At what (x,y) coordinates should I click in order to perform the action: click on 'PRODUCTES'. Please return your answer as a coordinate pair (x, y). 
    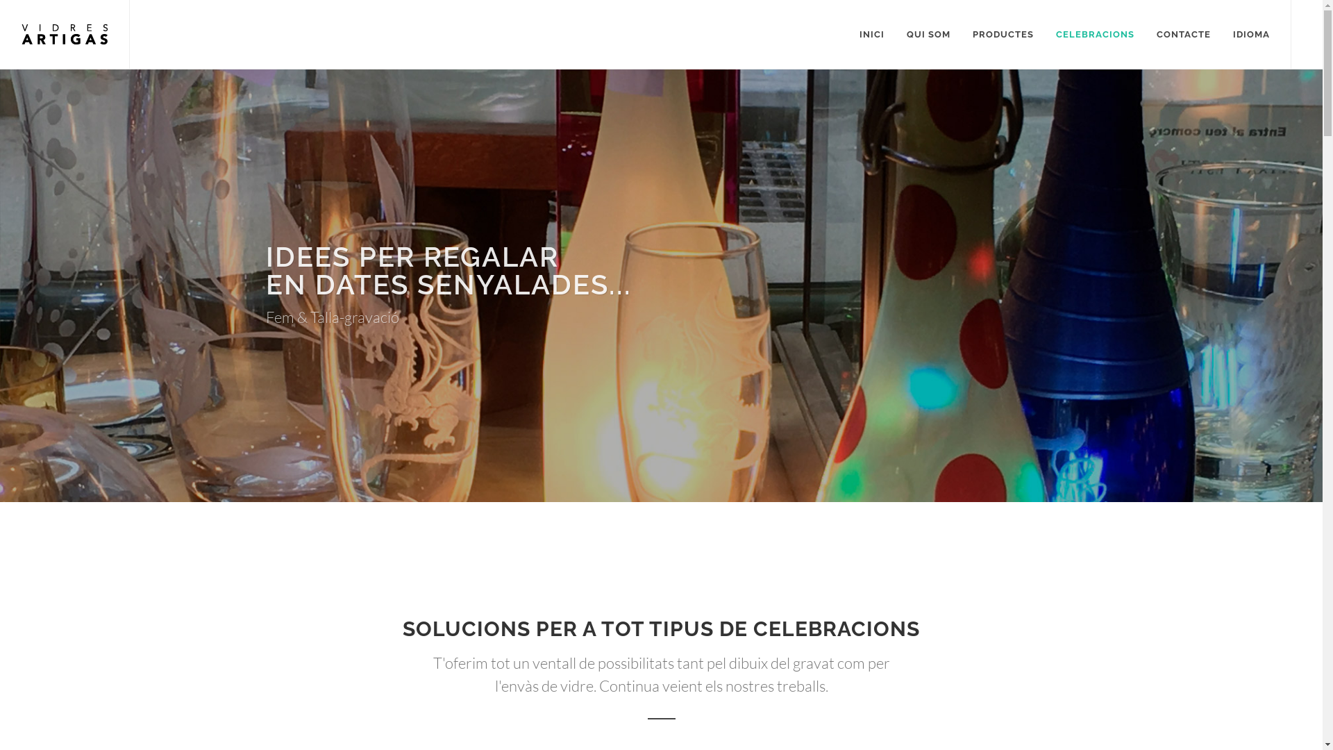
    Looking at the image, I should click on (962, 34).